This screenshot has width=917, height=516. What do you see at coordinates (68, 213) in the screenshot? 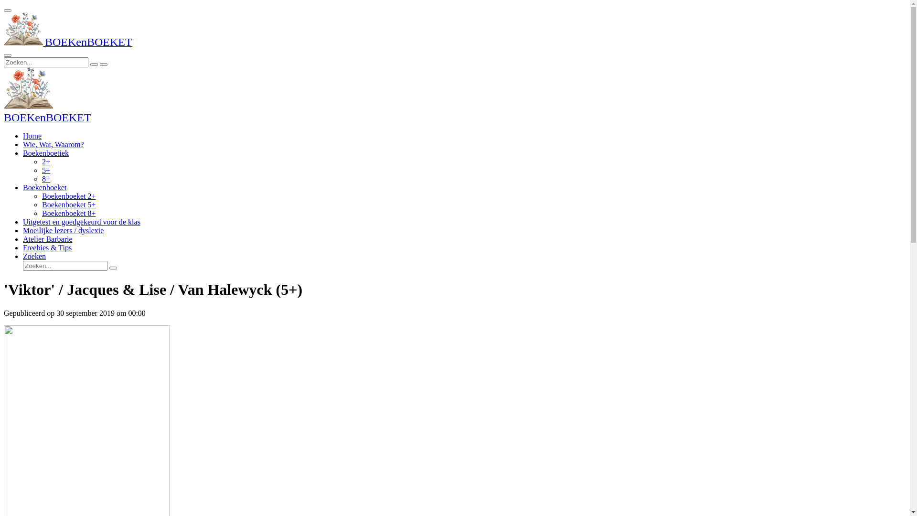
I see `'Boekenboeket 8+'` at bounding box center [68, 213].